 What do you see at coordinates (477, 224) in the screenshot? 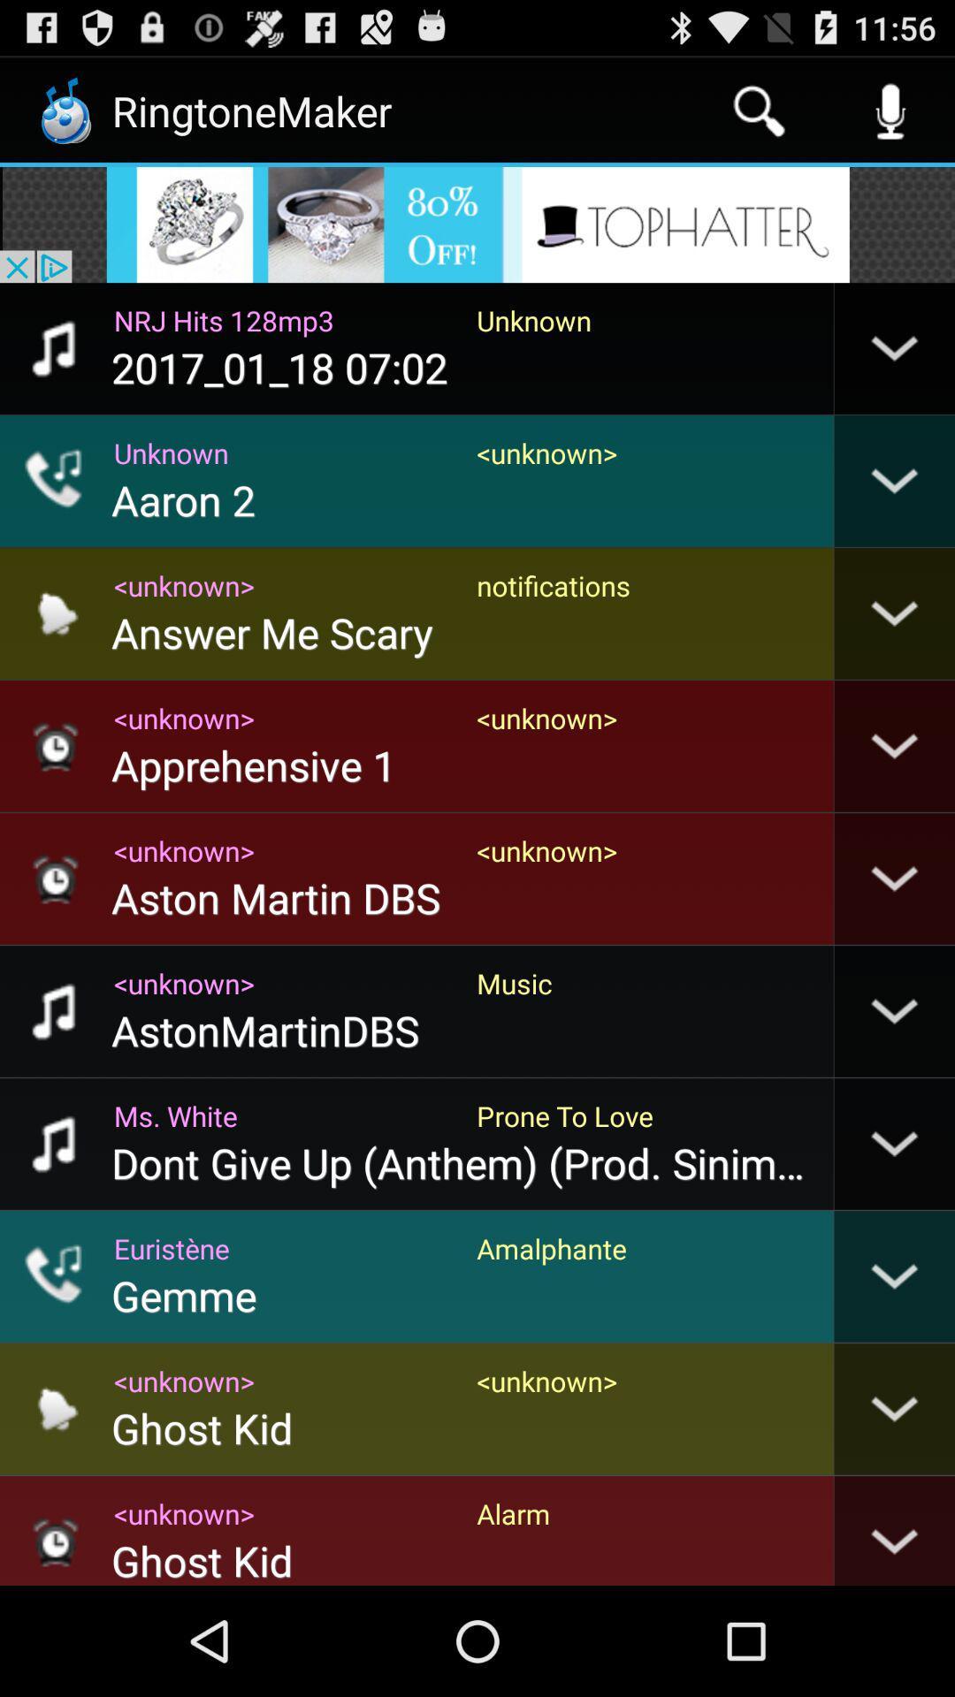
I see `advertisement` at bounding box center [477, 224].